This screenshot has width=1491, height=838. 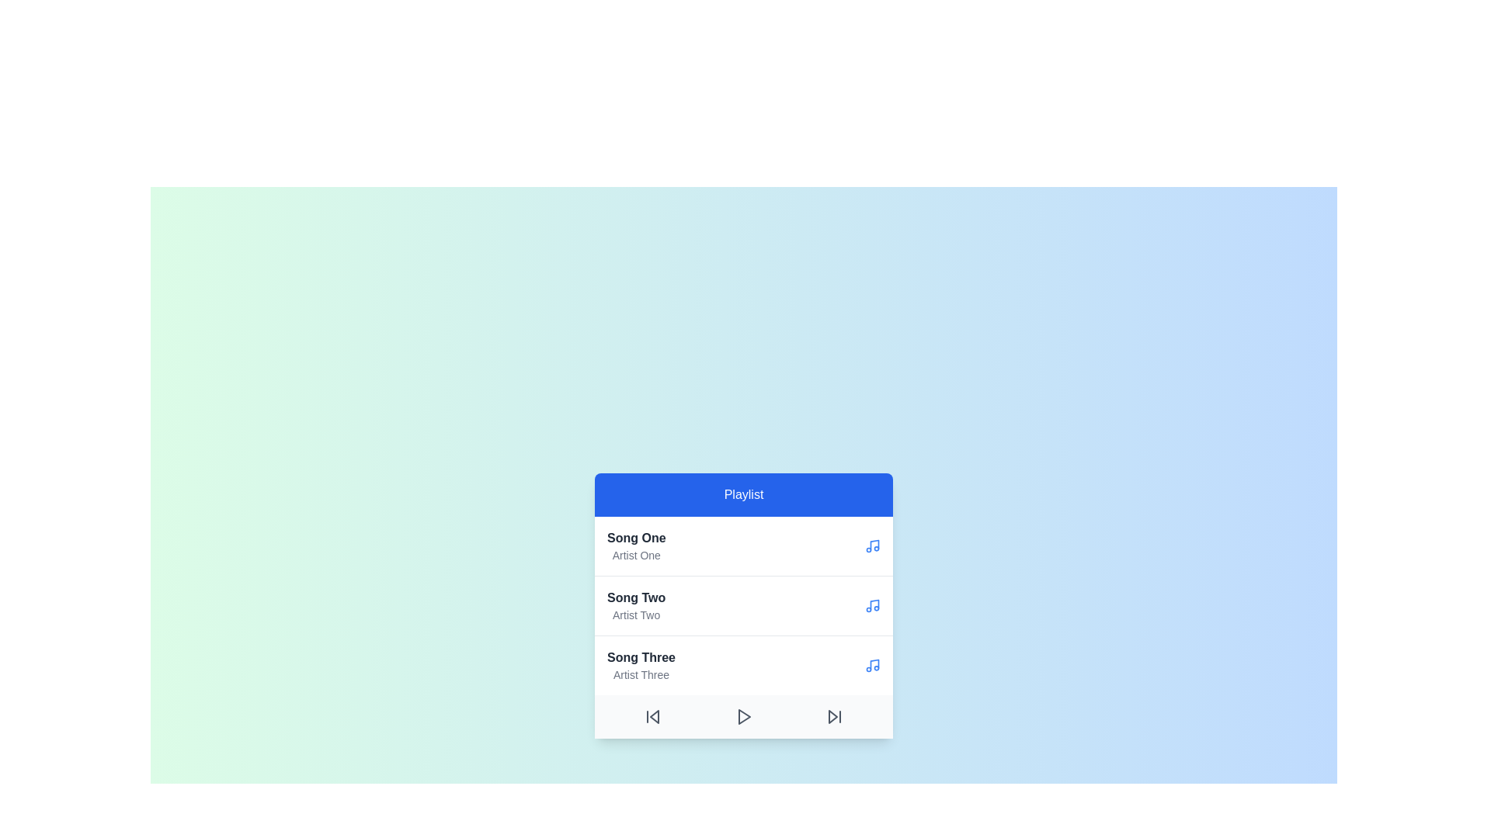 I want to click on the playlist title to interact with it, so click(x=743, y=494).